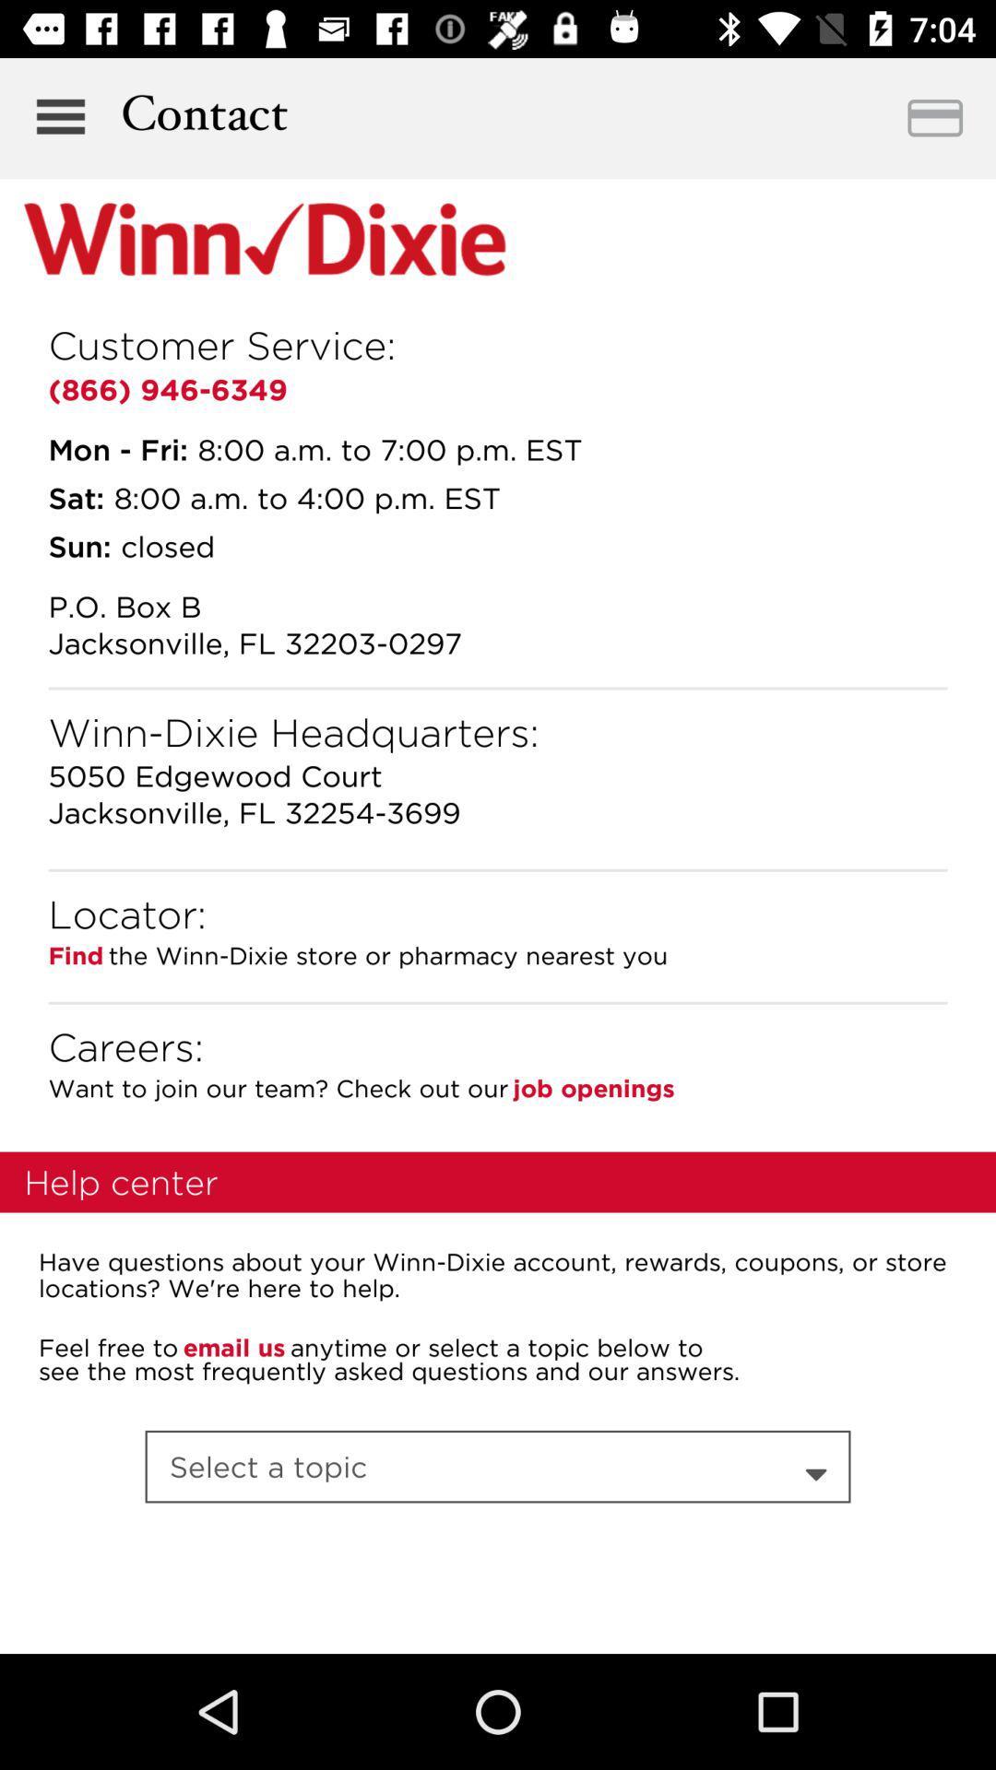 This screenshot has width=996, height=1770. Describe the element at coordinates (278, 1088) in the screenshot. I see `icon next to job openings` at that location.